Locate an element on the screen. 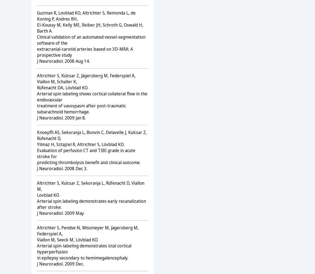  'Clinical validation of an automated vessel-segmentation software of the' is located at coordinates (91, 40).